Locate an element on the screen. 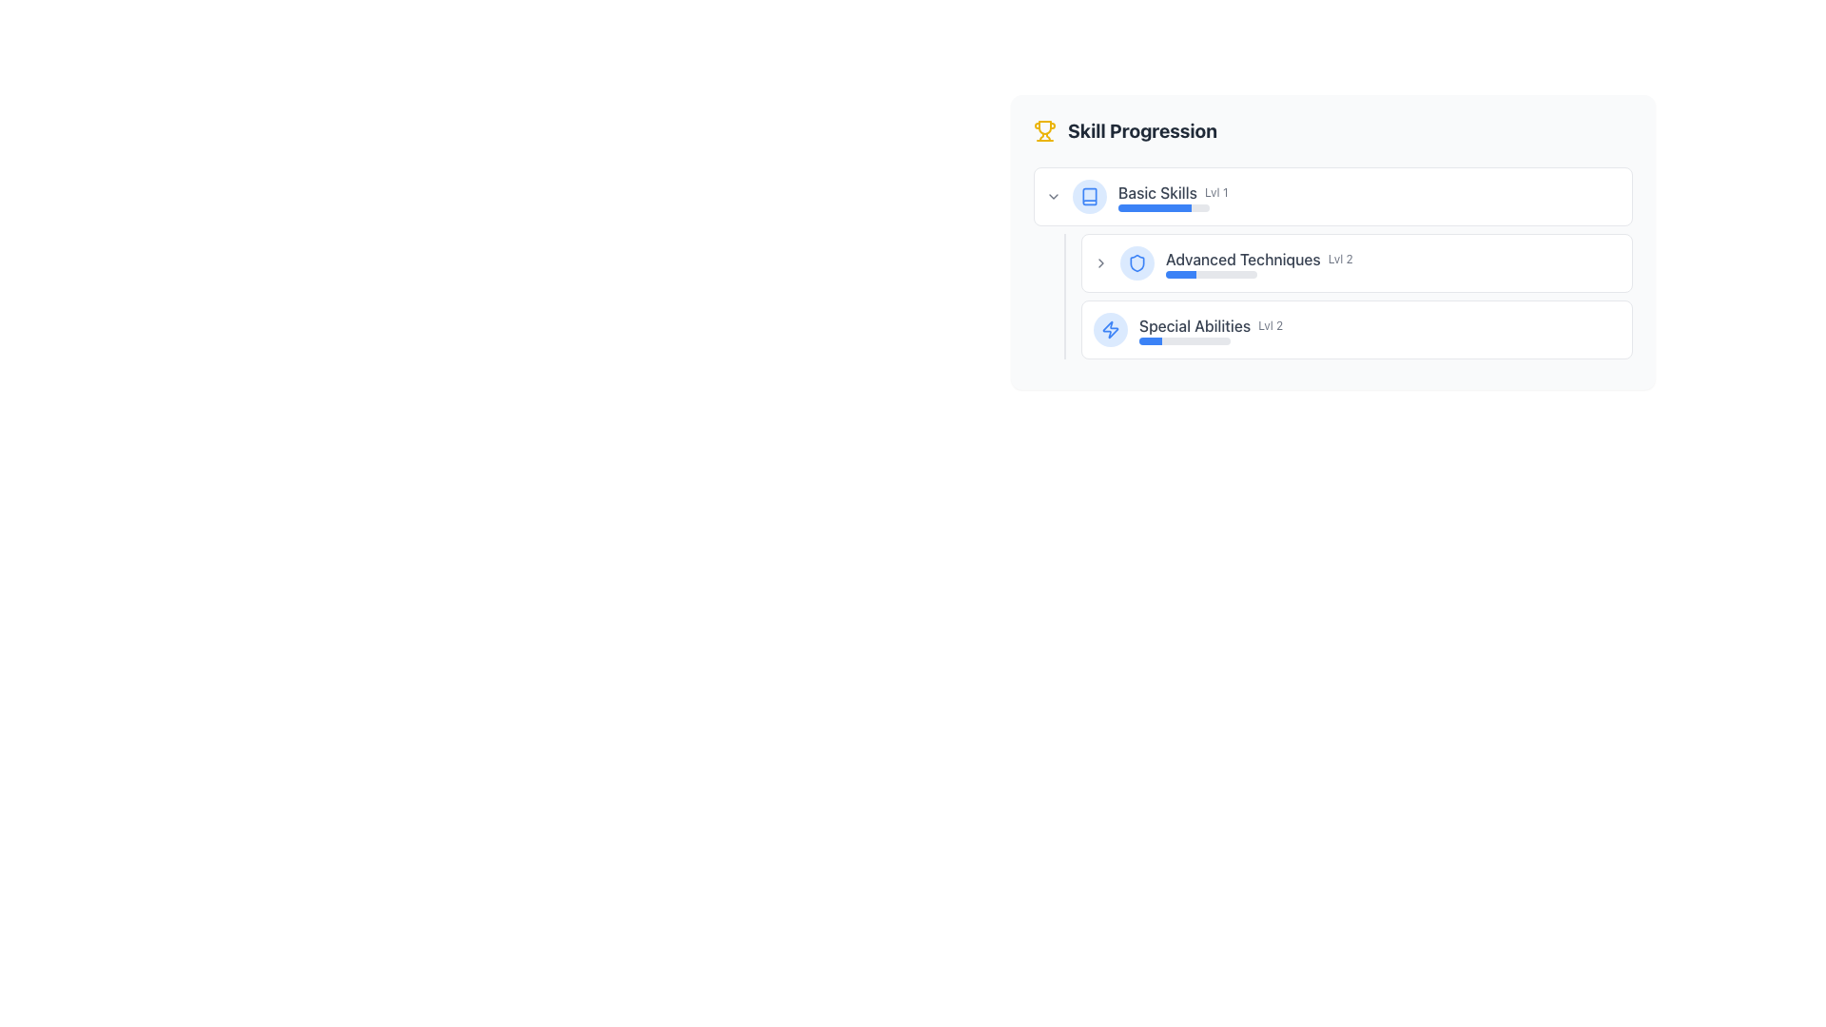  the Progress bar that visually represents a 25% completion of the associated goal or task, located below the 'Special Abilities Lvl 2' text in the right-side section of the interface is located at coordinates (1184, 339).